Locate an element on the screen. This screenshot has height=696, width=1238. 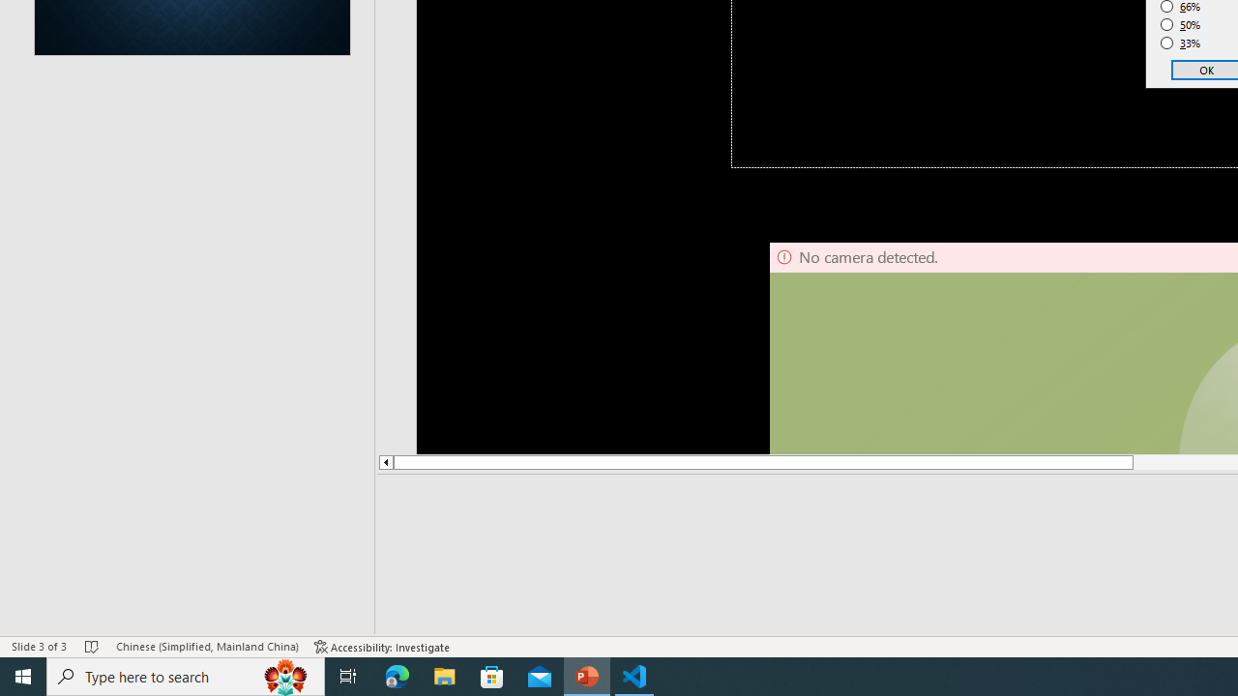
'File Explorer' is located at coordinates (444, 675).